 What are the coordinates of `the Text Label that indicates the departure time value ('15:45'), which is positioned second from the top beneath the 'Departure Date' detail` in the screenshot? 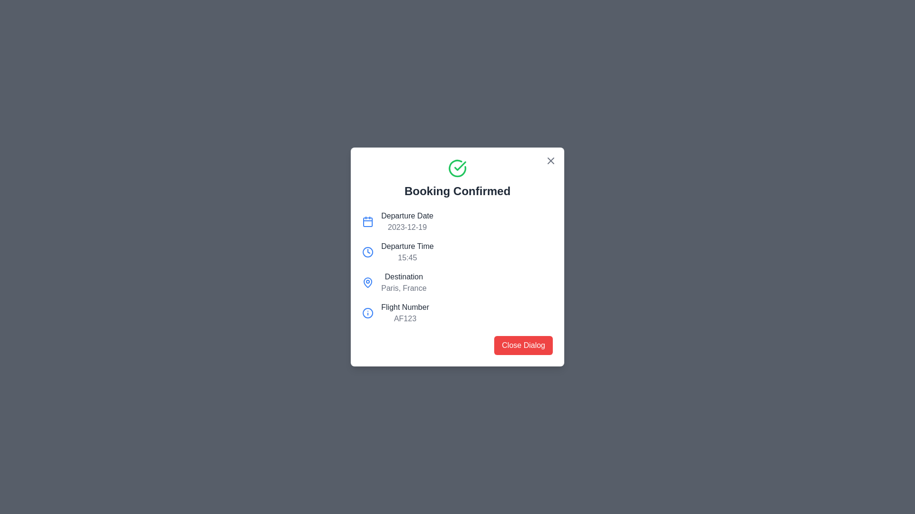 It's located at (407, 246).